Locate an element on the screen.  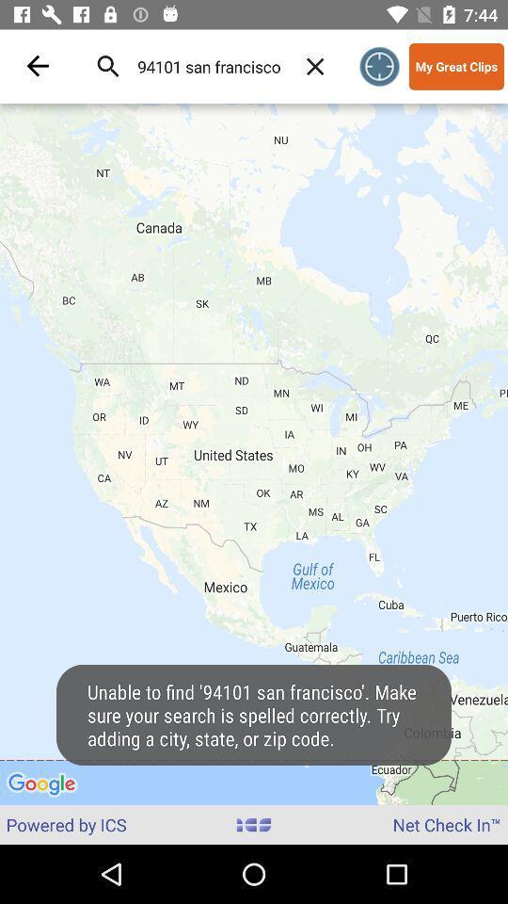
item next to the 94101 san francisco is located at coordinates (315, 66).